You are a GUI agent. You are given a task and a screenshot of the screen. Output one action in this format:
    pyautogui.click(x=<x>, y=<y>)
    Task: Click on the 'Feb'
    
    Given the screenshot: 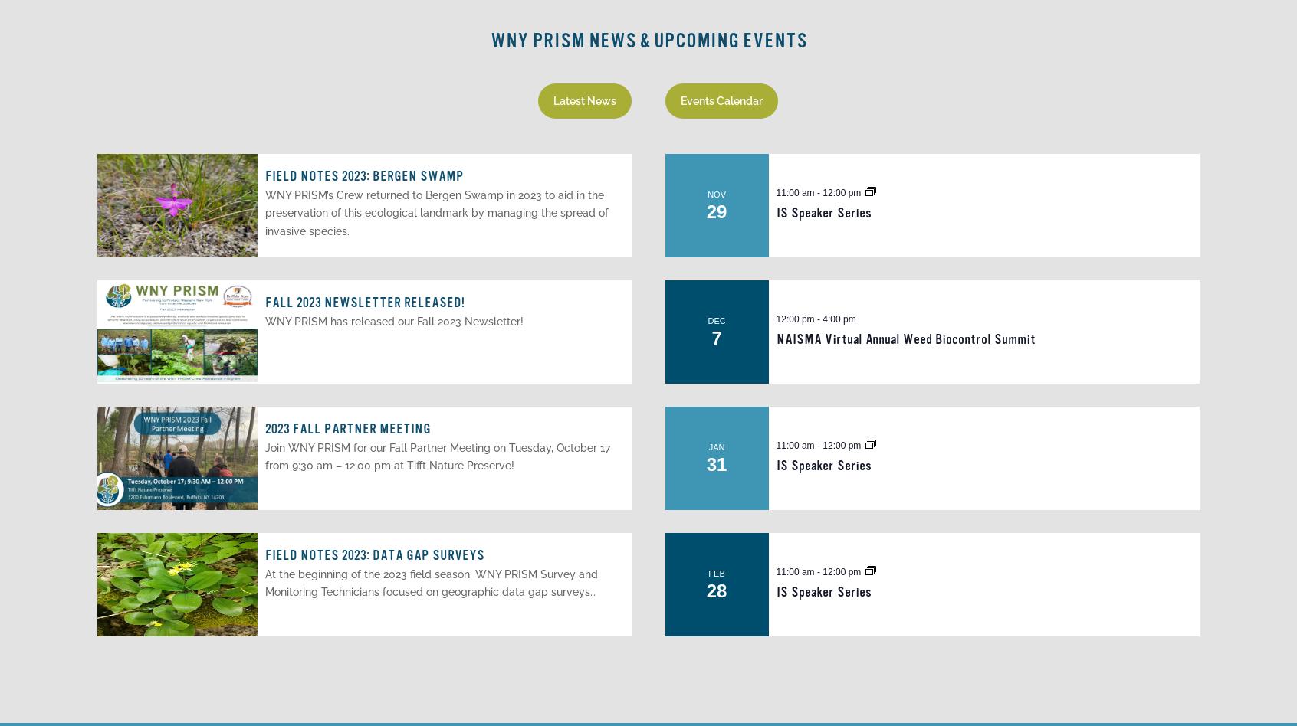 What is the action you would take?
    pyautogui.click(x=716, y=572)
    